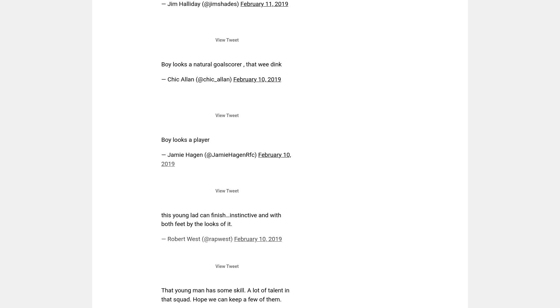  I want to click on '— Jim Halliday (@jimshades)', so click(200, 3).